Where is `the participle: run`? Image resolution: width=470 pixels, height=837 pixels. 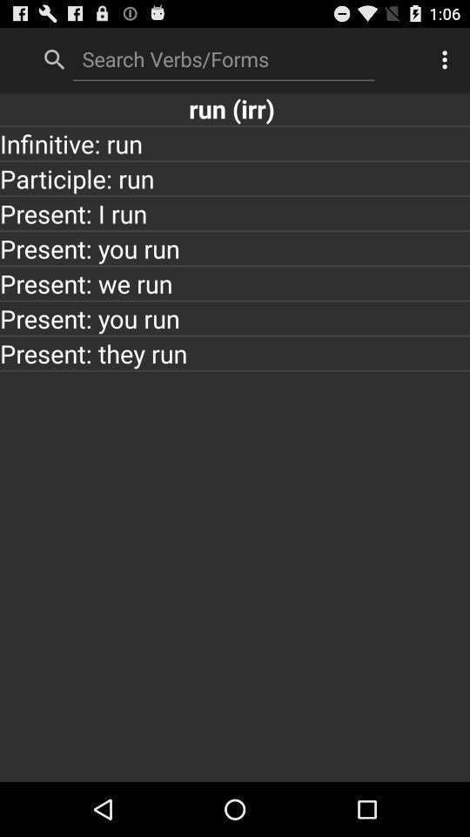 the participle: run is located at coordinates (235, 178).